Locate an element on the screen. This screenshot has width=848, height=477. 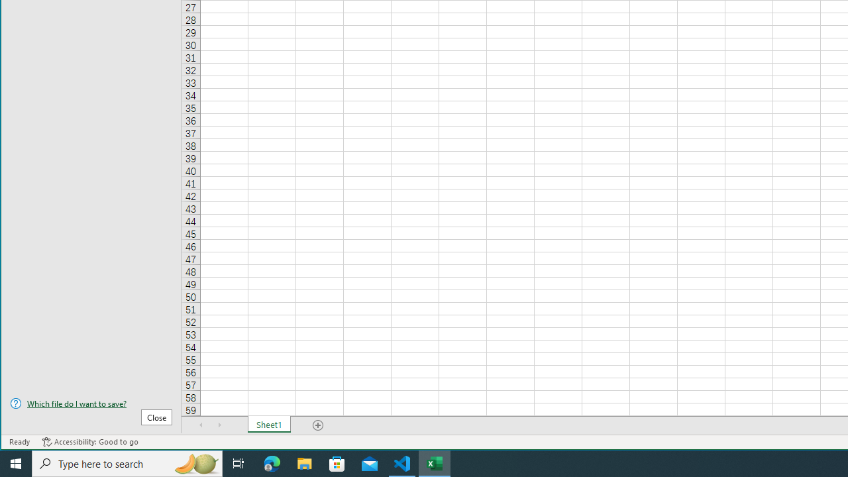
'Scroll Left' is located at coordinates (201, 425).